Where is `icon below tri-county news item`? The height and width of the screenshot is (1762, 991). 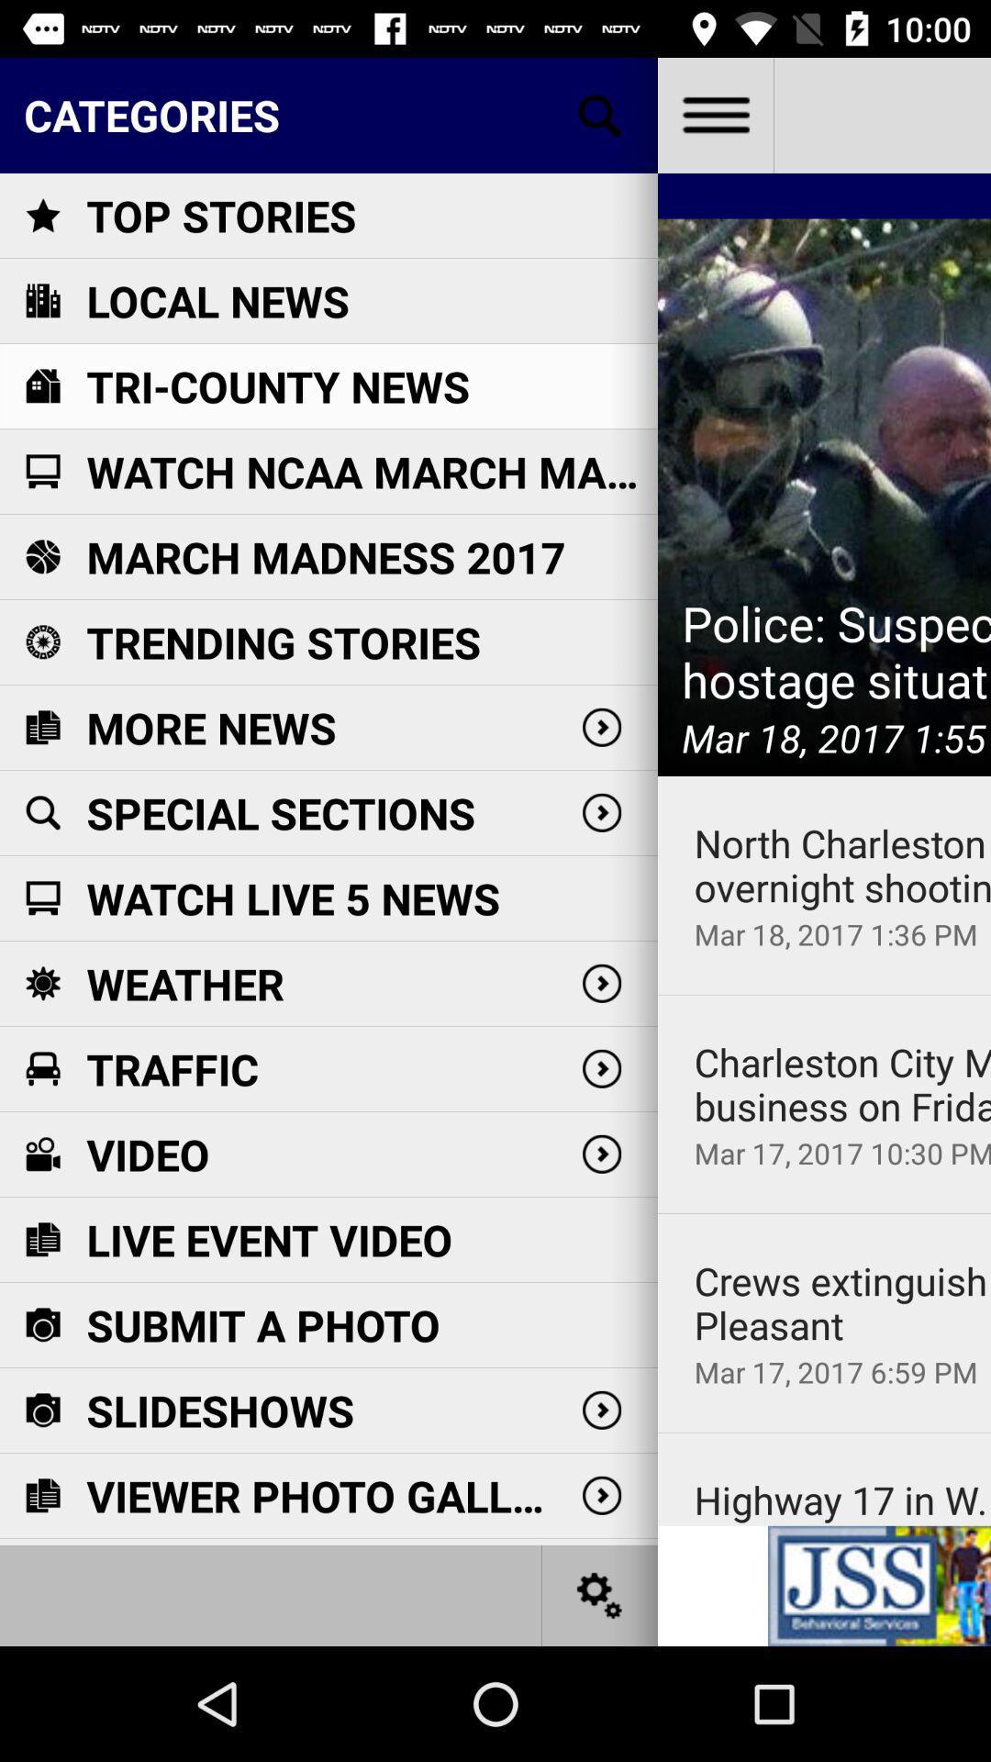
icon below tri-county news item is located at coordinates (372, 472).